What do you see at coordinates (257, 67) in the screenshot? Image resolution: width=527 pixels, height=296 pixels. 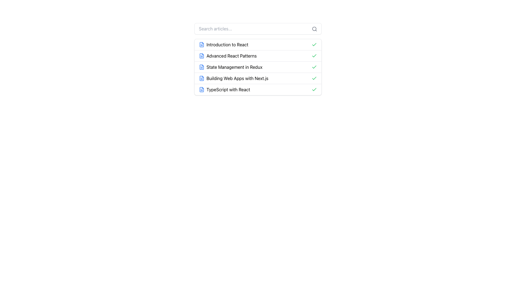 I see `the selectable list item containing the text 'State Management in Redux'` at bounding box center [257, 67].